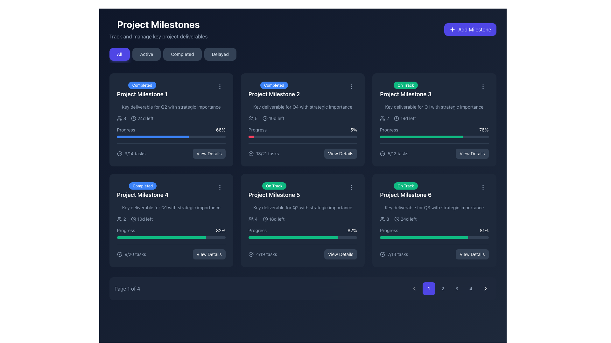  What do you see at coordinates (483, 87) in the screenshot?
I see `the vertical ellipsis icon button located` at bounding box center [483, 87].